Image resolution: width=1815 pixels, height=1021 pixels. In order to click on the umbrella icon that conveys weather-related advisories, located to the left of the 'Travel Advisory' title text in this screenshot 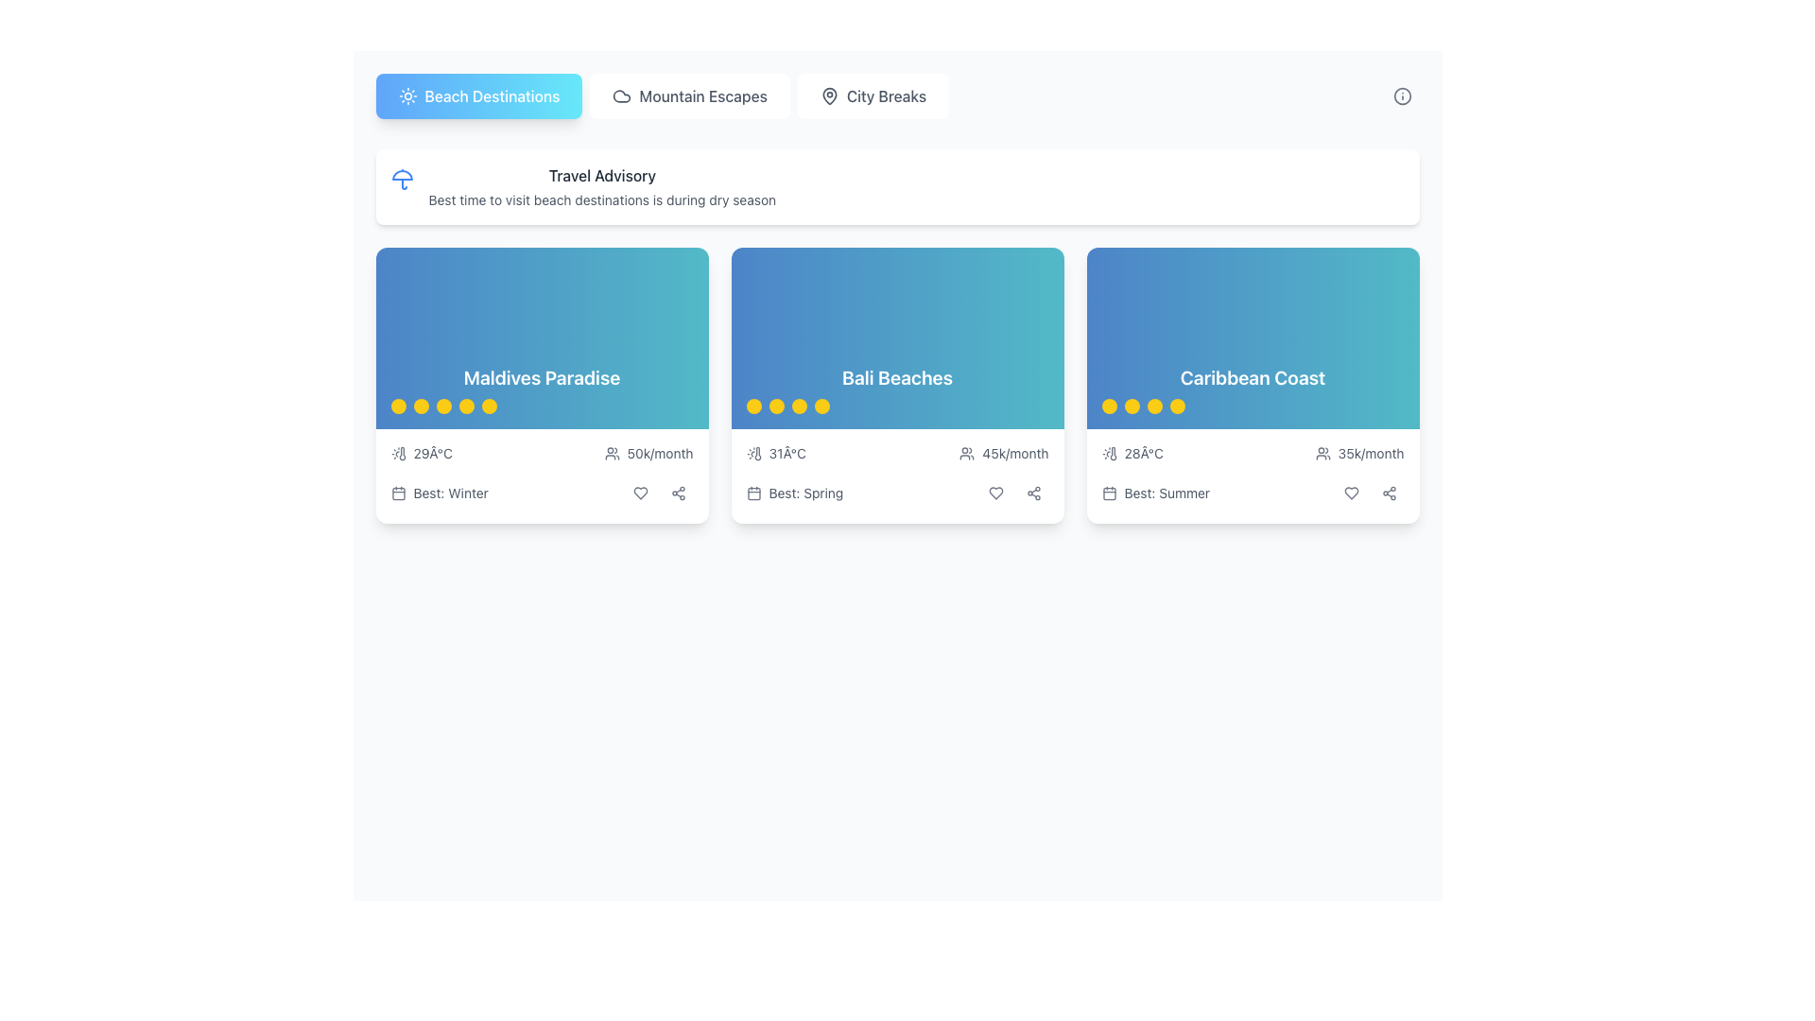, I will do `click(401, 179)`.